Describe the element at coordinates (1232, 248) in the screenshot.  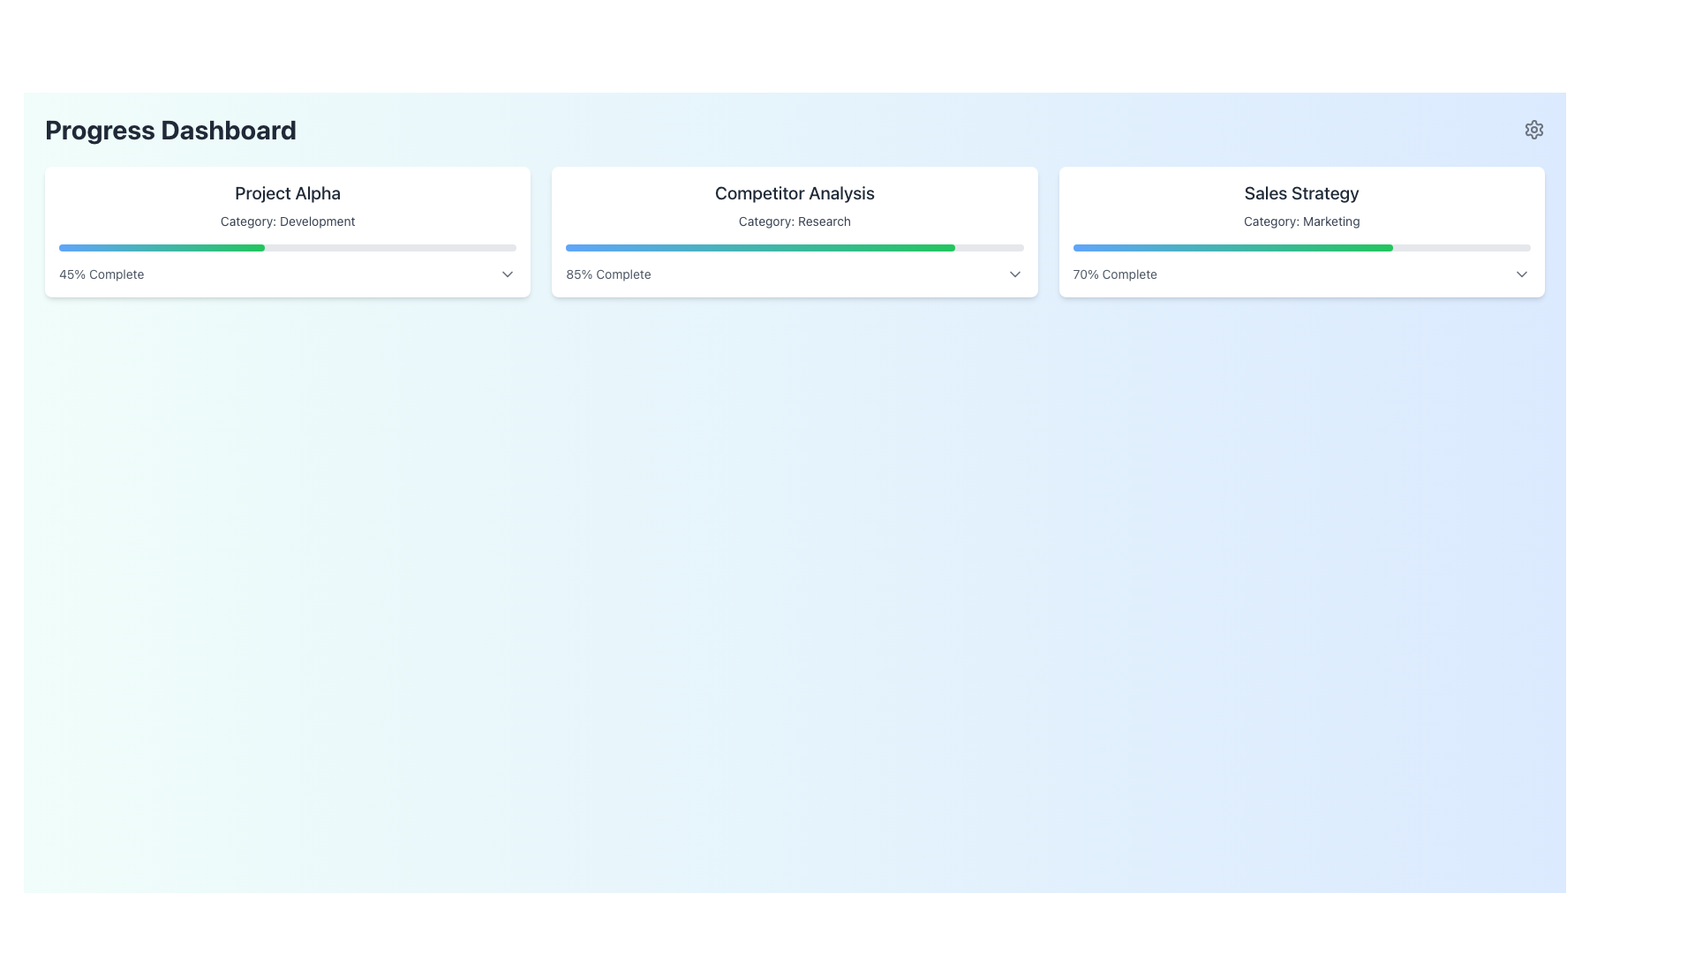
I see `the visually represented completion percentage of the 'Sales Strategy' progress tracker, which indicates 70% completion within the progress widget under the 'Sales Strategy' card` at that location.